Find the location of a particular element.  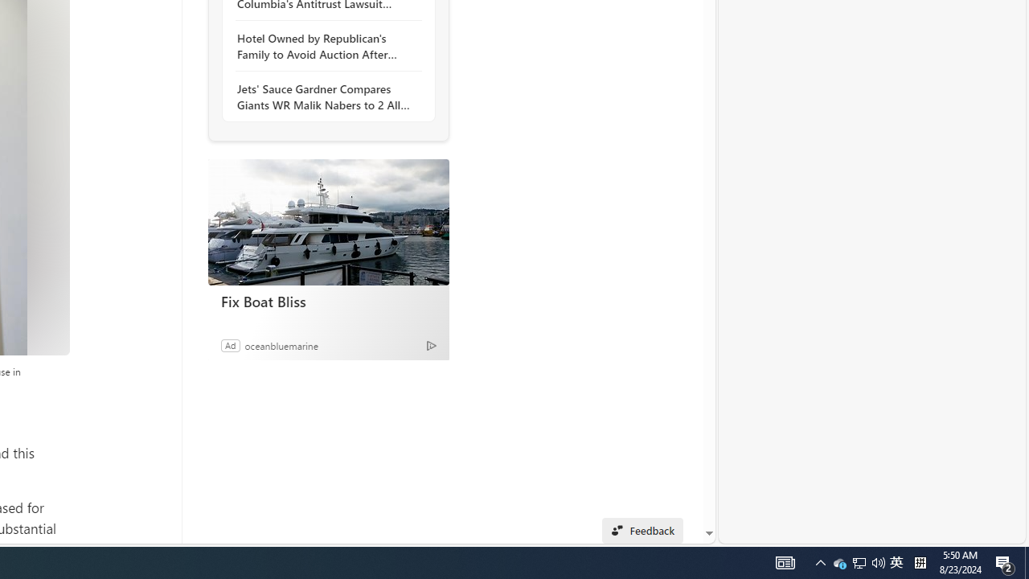

'Ad Choice' is located at coordinates (431, 344).